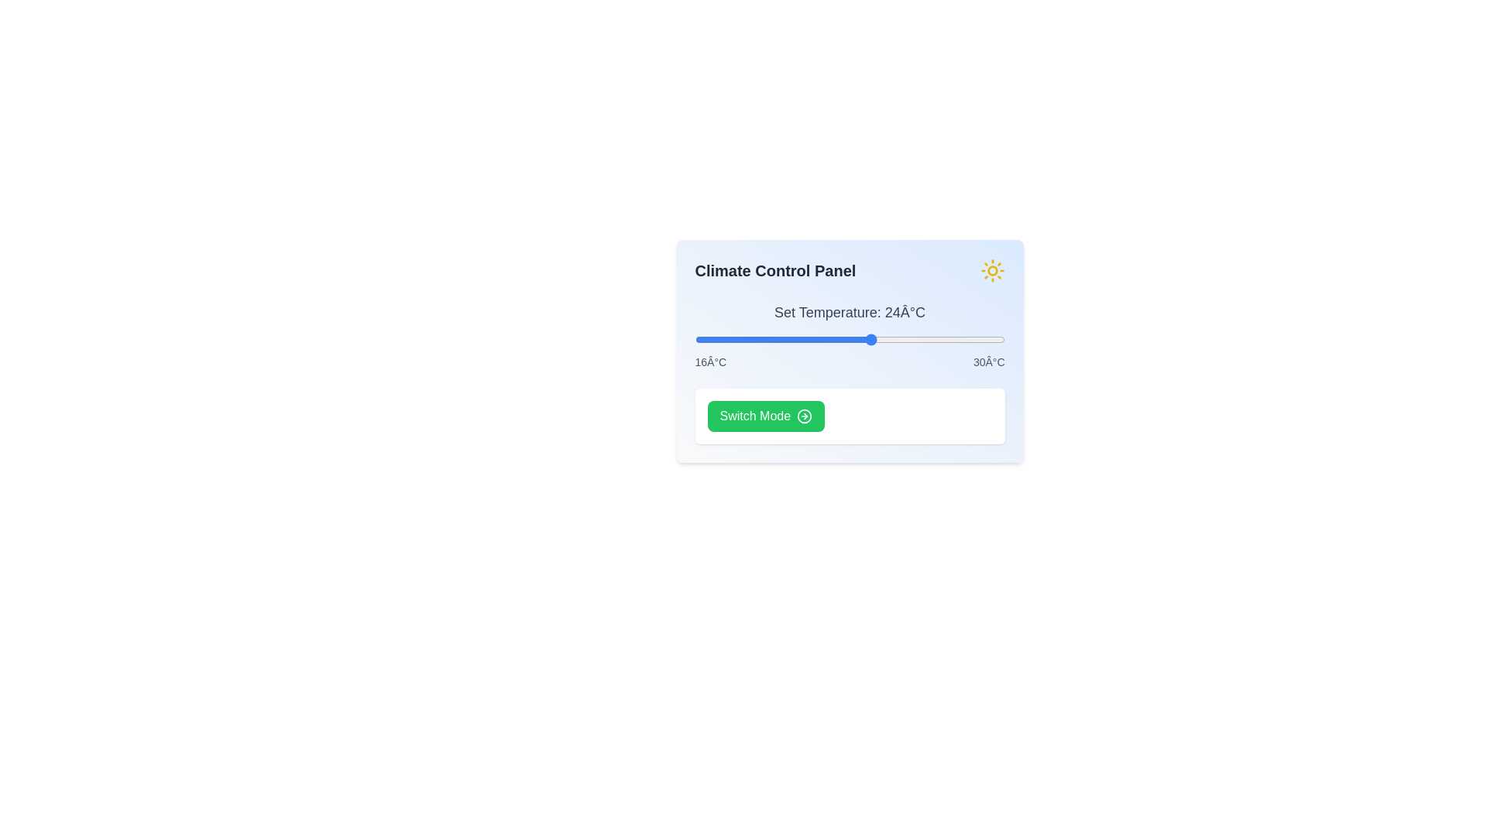 This screenshot has width=1487, height=836. I want to click on the temperature, so click(916, 339).